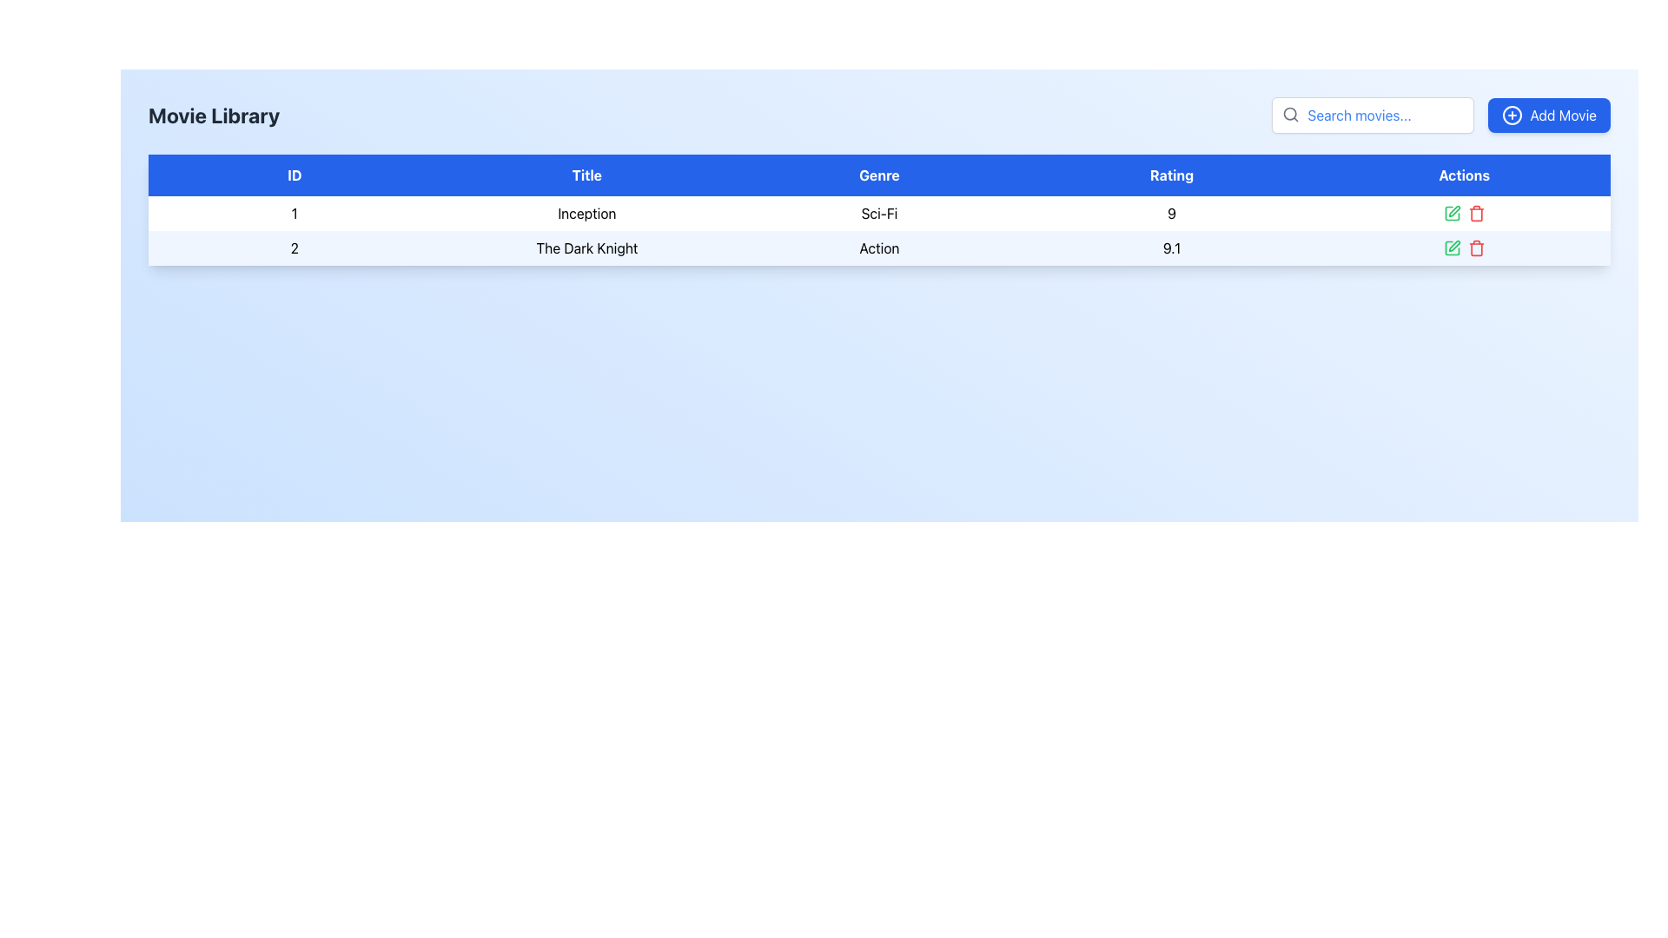 The height and width of the screenshot is (938, 1668). Describe the element at coordinates (295, 213) in the screenshot. I see `the text label containing the number '1' located in the first column of the table under the 'ID' header` at that location.